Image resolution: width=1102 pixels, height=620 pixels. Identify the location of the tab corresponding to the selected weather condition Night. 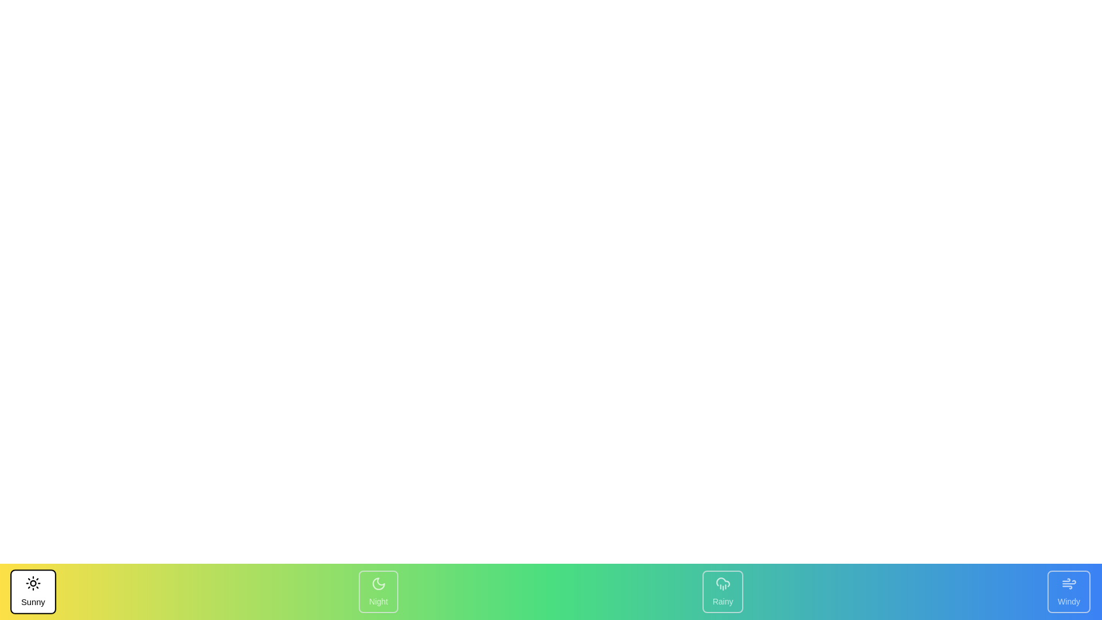
(378, 591).